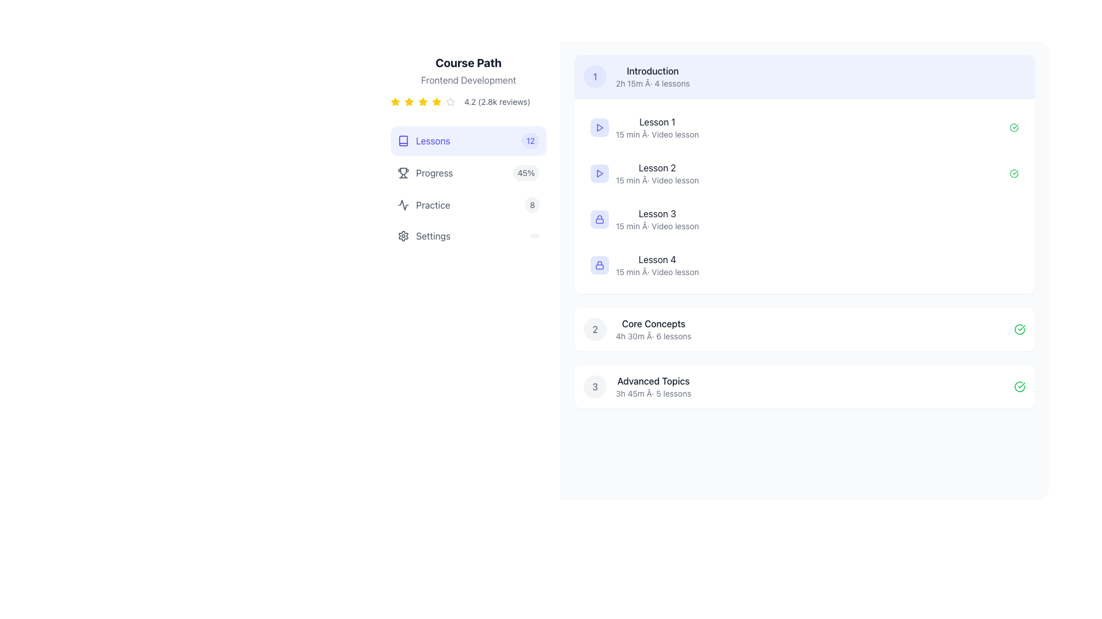 The height and width of the screenshot is (619, 1102). Describe the element at coordinates (409, 101) in the screenshot. I see `the third rating star icon using keyboard navigation` at that location.